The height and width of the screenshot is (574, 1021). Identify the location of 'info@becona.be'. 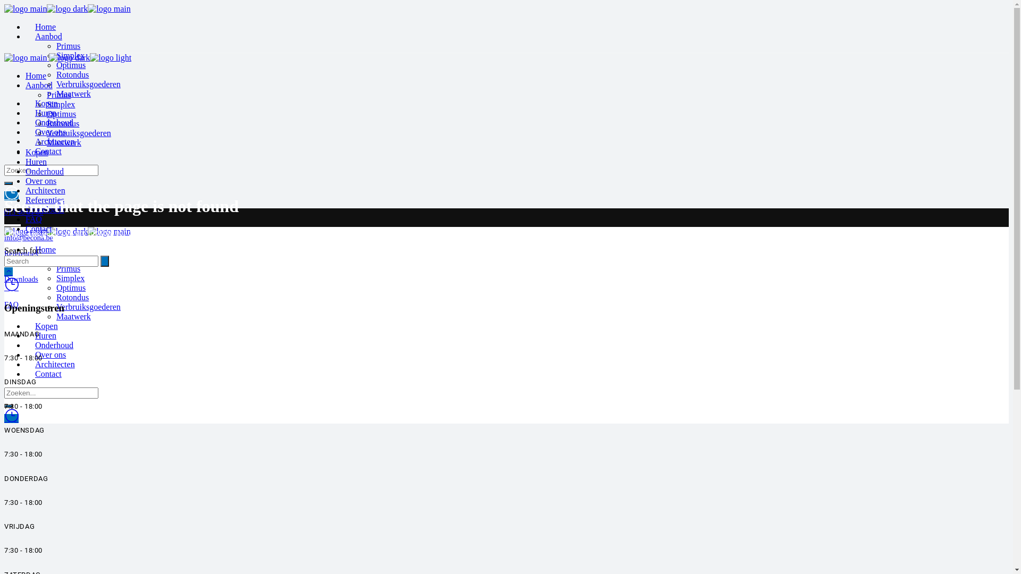
(4, 237).